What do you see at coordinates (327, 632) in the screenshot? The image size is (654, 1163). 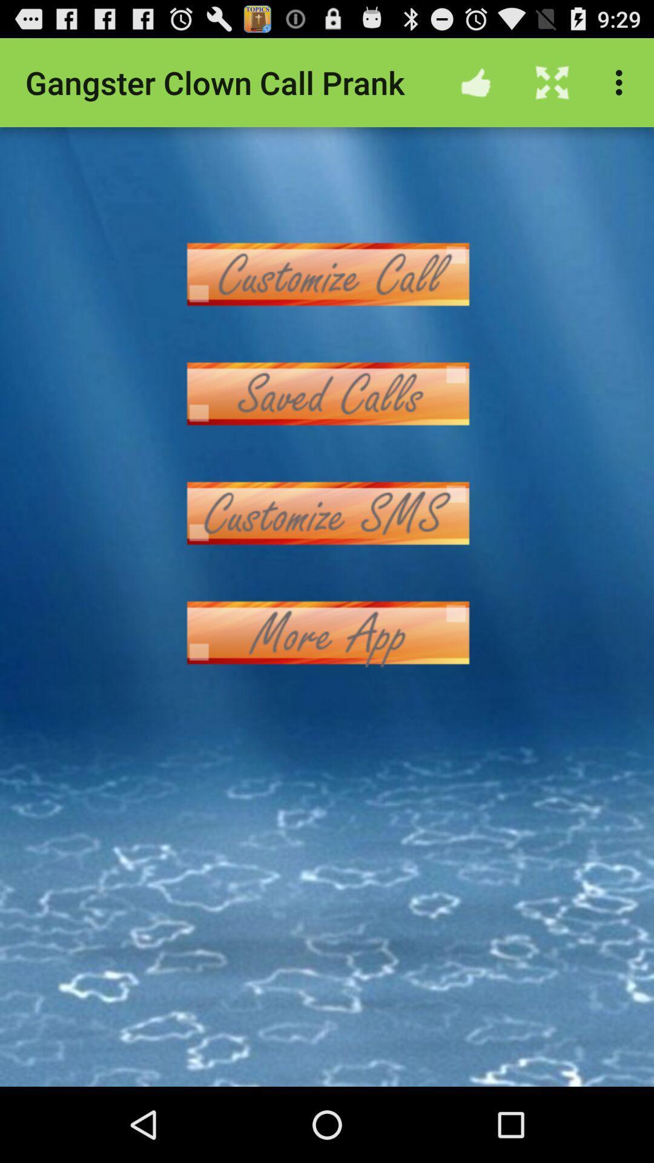 I see `option` at bounding box center [327, 632].